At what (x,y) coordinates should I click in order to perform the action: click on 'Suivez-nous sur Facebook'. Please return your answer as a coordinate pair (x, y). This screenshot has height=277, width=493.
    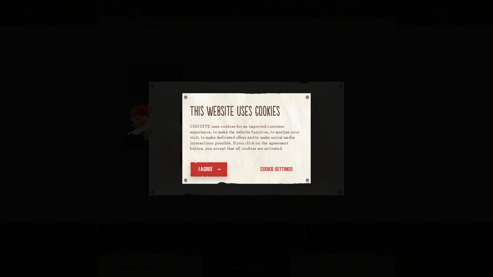
    Looking at the image, I should click on (331, 7).